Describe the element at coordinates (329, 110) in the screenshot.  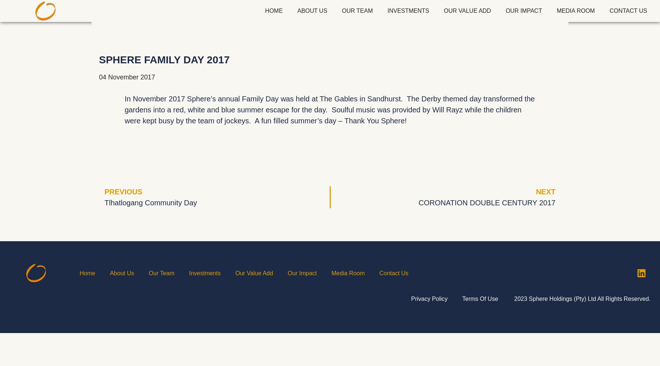
I see `'In November 2017 Sphere’s annual Family Day was held at The Gables in Sandhurst.  The Derby themed day transformed the gardens into a red, white and blue summer escape for the day.  Soulful music was provided by Will Rayz while the children were kept busy by the team of jockeys.  A fun filled summer’s day – Thank You Sphere!'` at that location.